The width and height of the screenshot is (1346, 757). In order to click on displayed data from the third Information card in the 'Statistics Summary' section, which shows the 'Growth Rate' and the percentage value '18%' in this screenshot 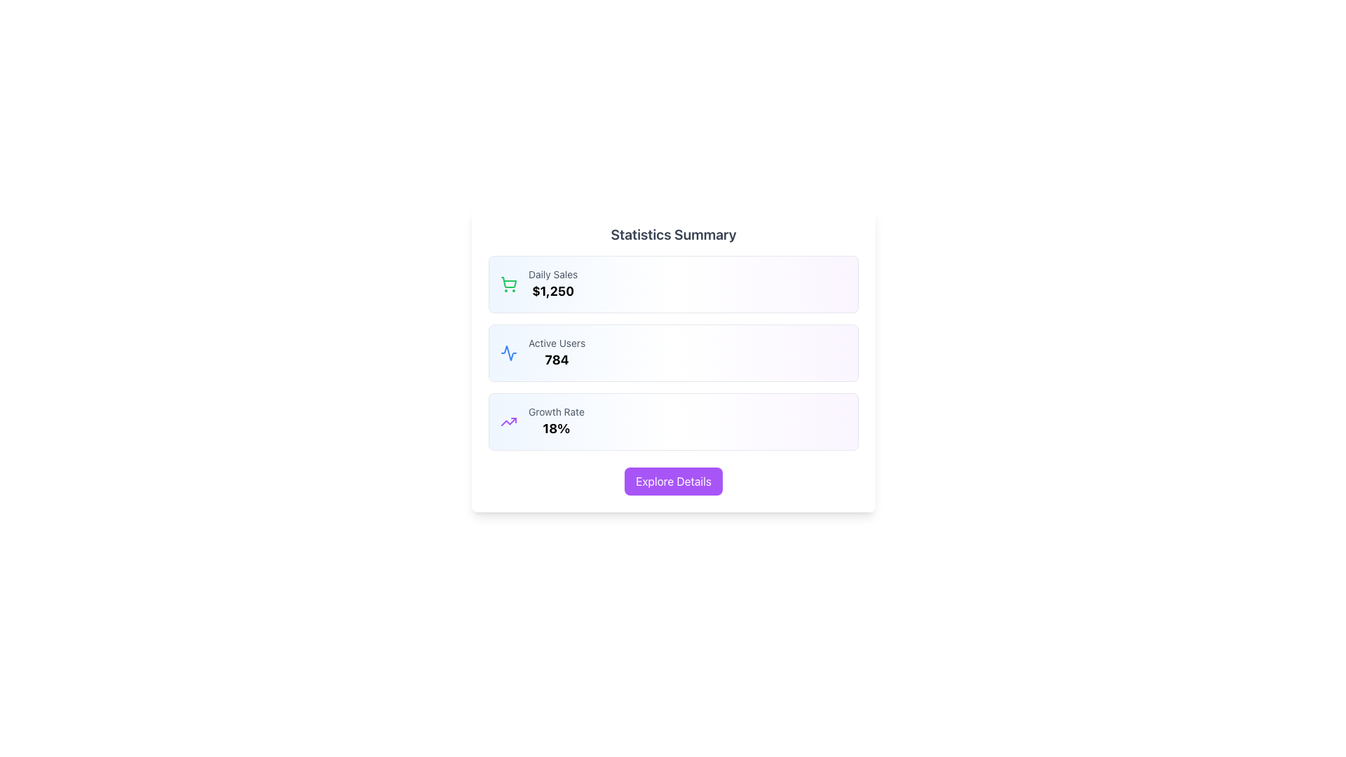, I will do `click(673, 421)`.